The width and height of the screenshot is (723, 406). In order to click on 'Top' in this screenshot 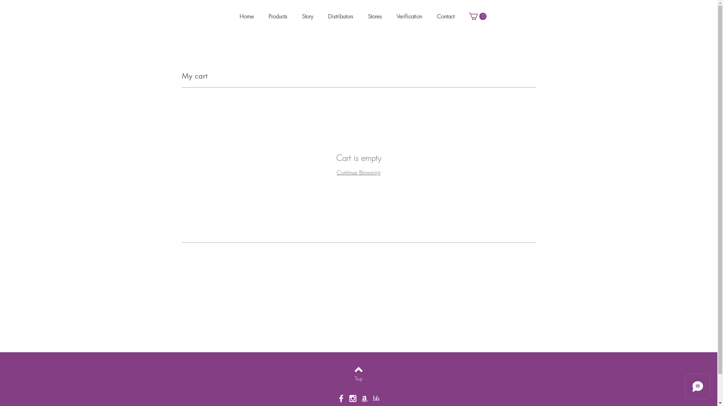, I will do `click(339, 378)`.